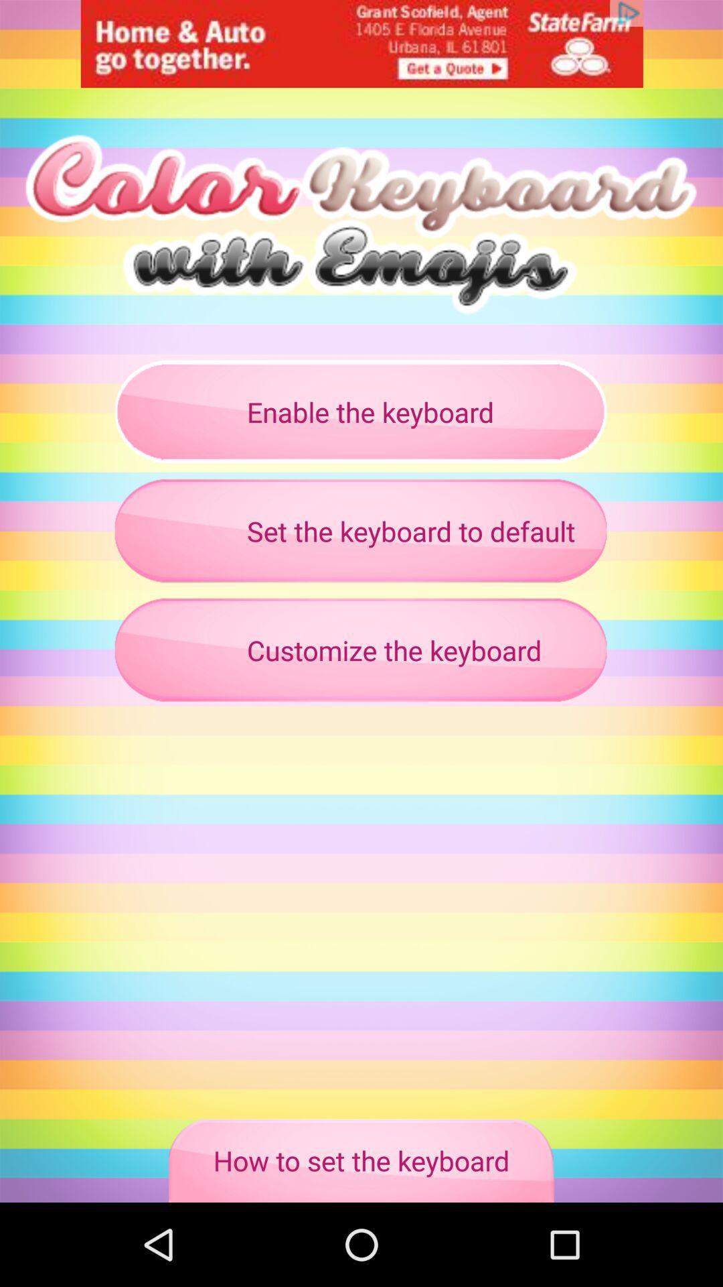 The image size is (723, 1287). I want to click on advertisement option, so click(361, 44).